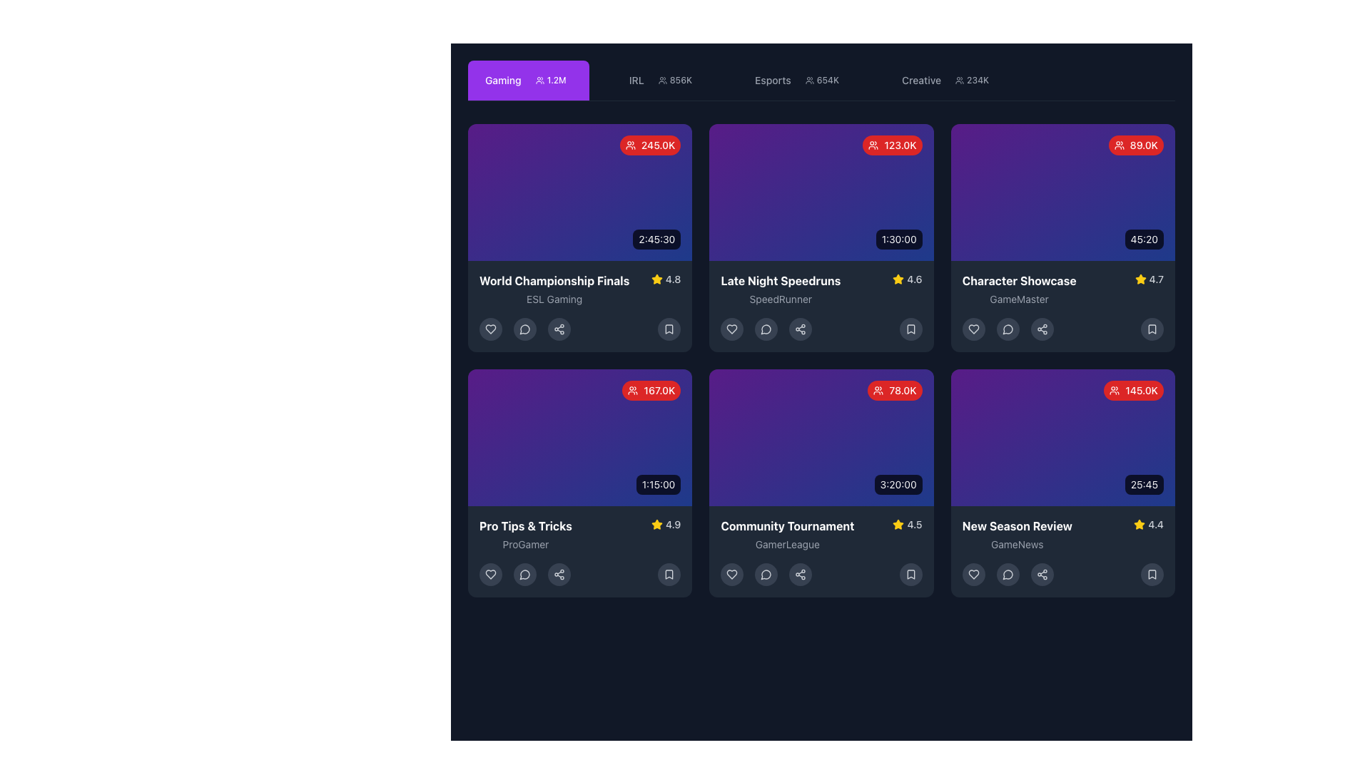 Image resolution: width=1370 pixels, height=770 pixels. What do you see at coordinates (580, 192) in the screenshot?
I see `the content display card located at the top-left corner of the grid layout, showcasing viewer counts and duration, to access its associated buttons and links` at bounding box center [580, 192].